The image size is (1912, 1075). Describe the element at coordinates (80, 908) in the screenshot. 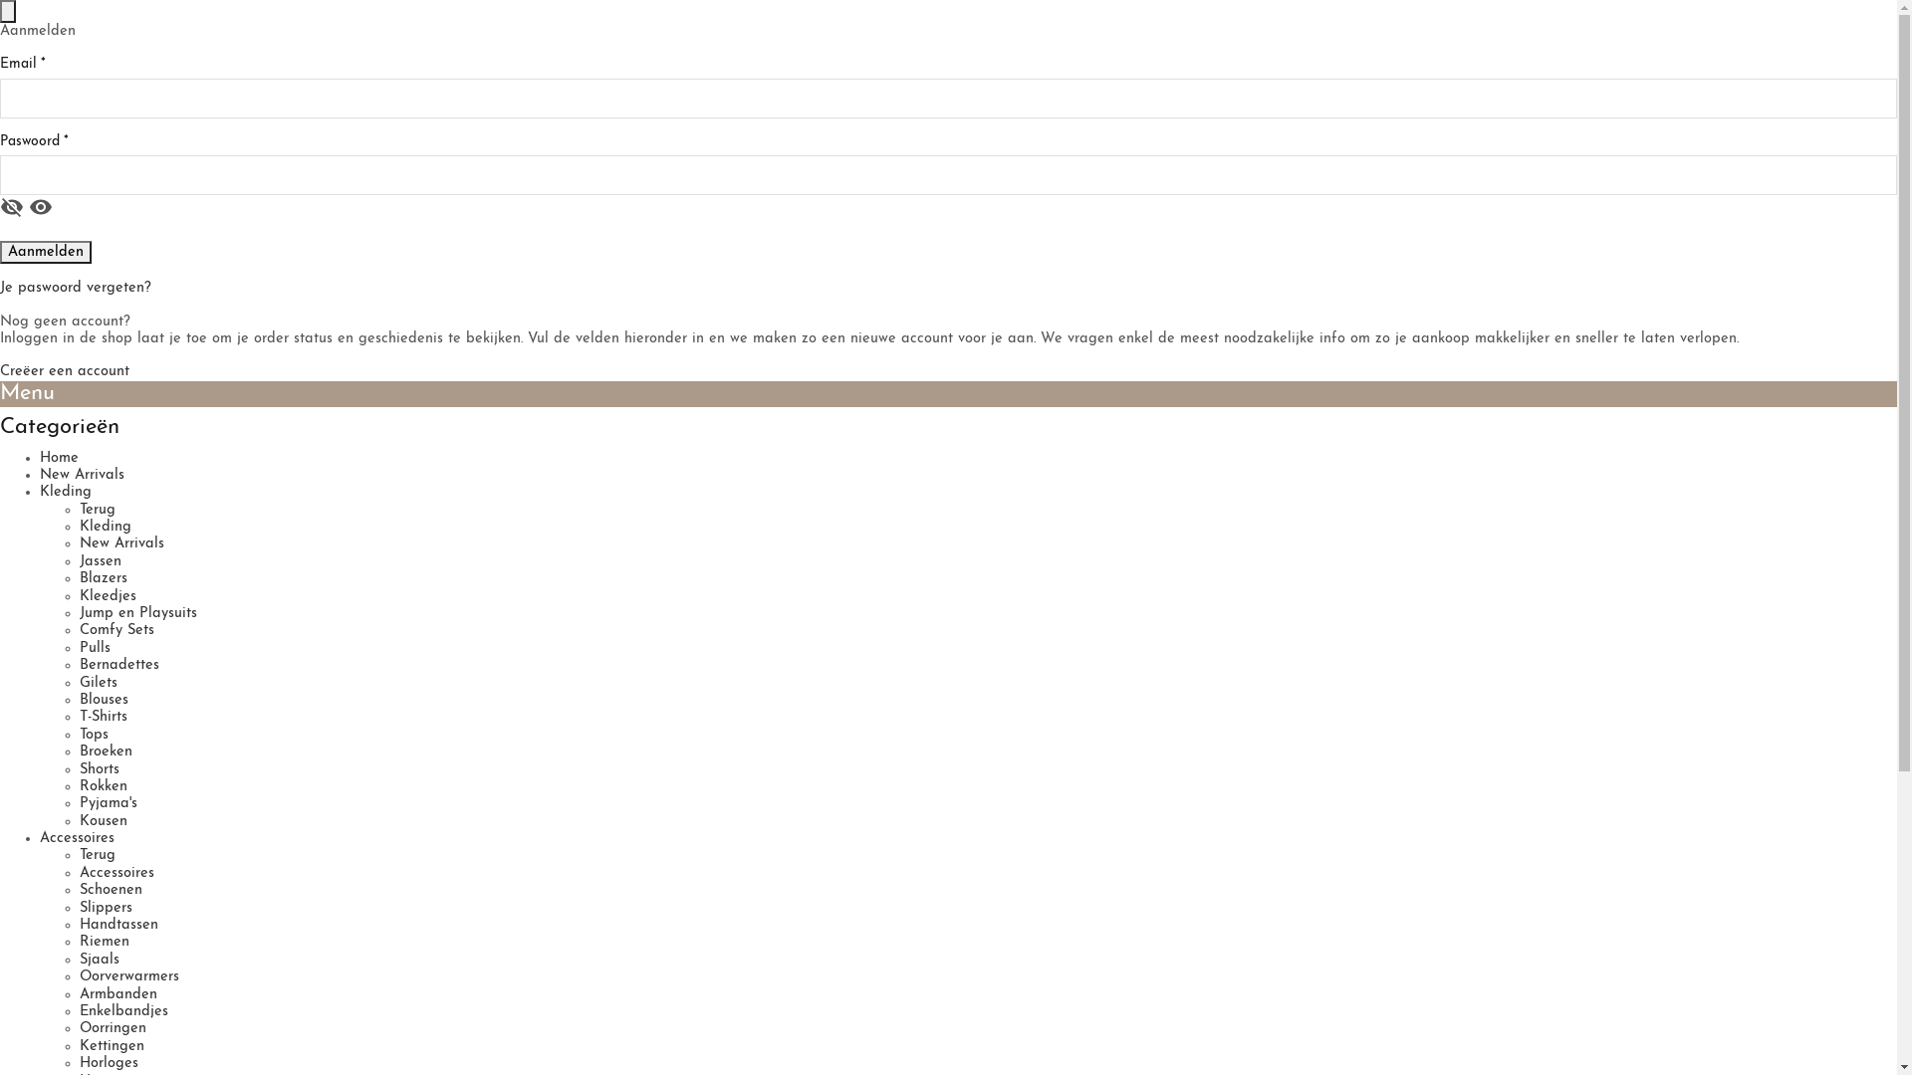

I see `'Slippers'` at that location.